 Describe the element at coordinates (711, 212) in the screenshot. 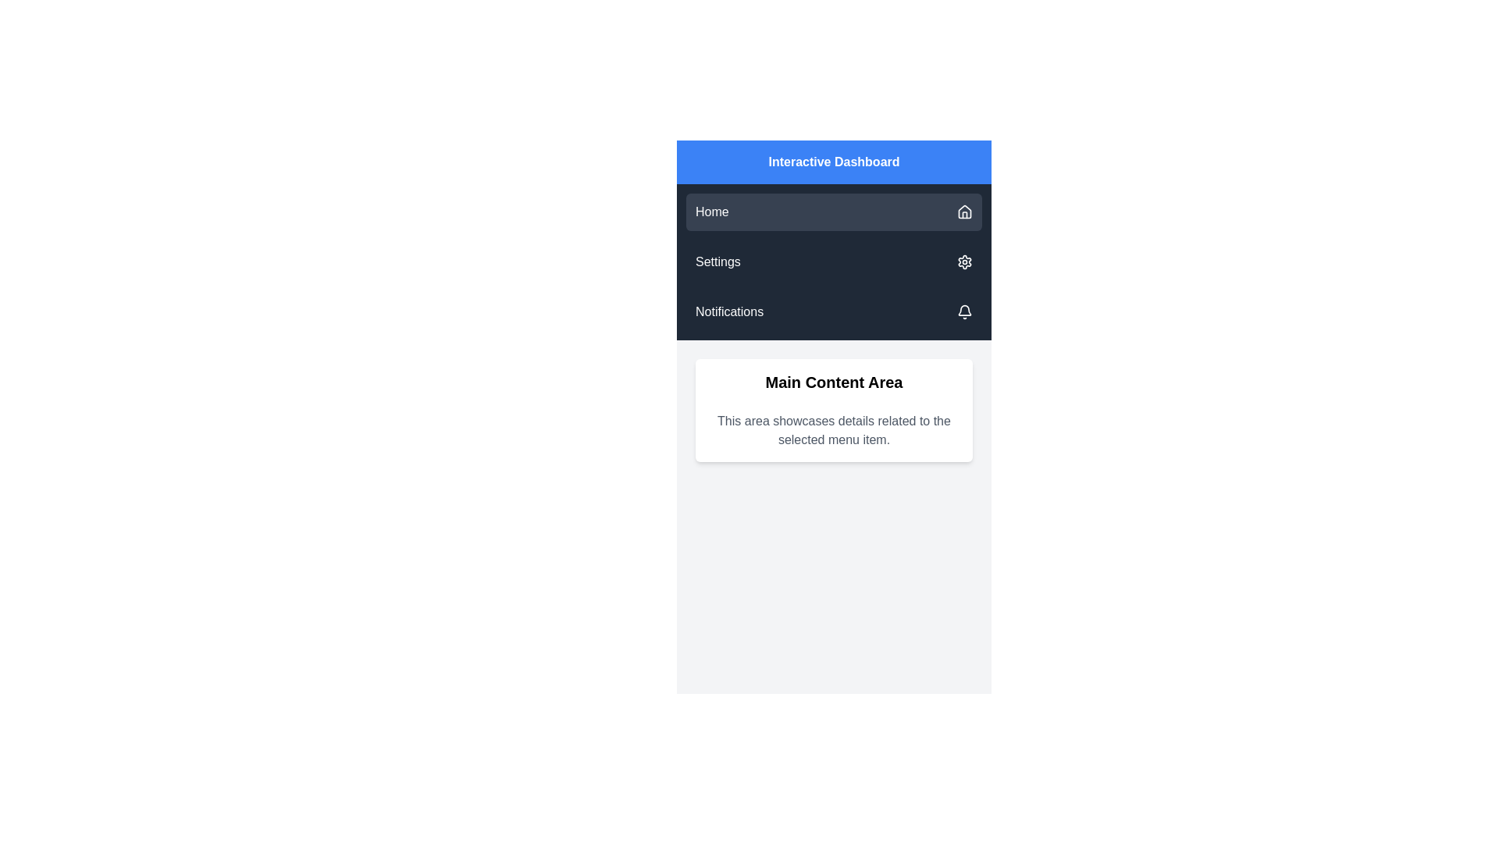

I see `the 'Home' text label displayed in white on a dark background, which is located in the top-left corner of the menu bar` at that location.